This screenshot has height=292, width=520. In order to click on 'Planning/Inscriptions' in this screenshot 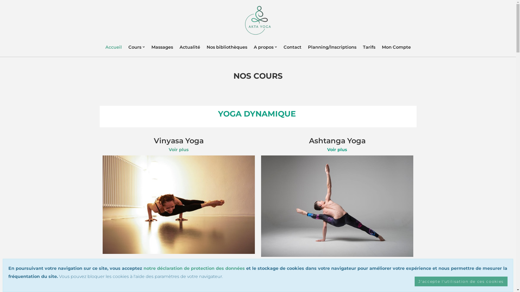, I will do `click(305, 47)`.